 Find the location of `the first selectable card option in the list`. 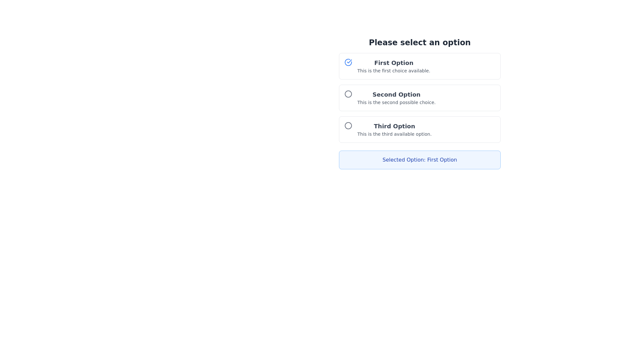

the first selectable card option in the list is located at coordinates (419, 66).